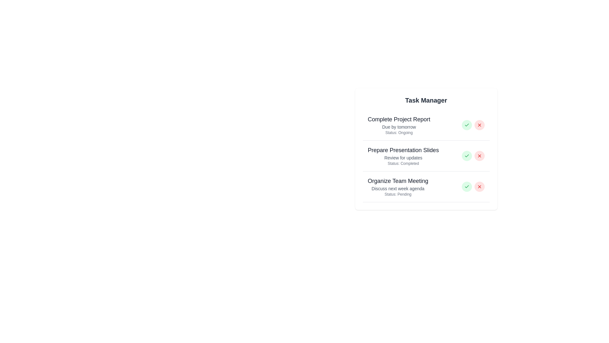 Image resolution: width=609 pixels, height=343 pixels. Describe the element at coordinates (397, 188) in the screenshot. I see `the static text element that provides supplementary information for the task 'Organize Team Meeting', located beneath the corresponding task title and above the status text in the task card` at that location.